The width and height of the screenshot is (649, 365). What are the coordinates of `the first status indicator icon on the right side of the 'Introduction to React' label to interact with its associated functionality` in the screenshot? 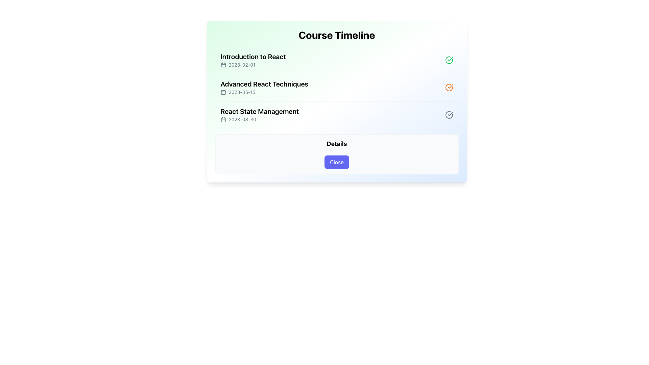 It's located at (449, 59).